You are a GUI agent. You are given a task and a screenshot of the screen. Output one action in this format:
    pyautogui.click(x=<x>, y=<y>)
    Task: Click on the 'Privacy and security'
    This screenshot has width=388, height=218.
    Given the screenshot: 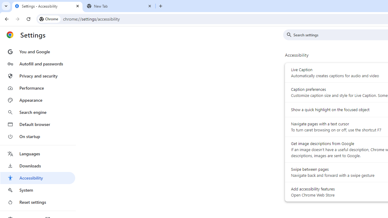 What is the action you would take?
    pyautogui.click(x=37, y=75)
    